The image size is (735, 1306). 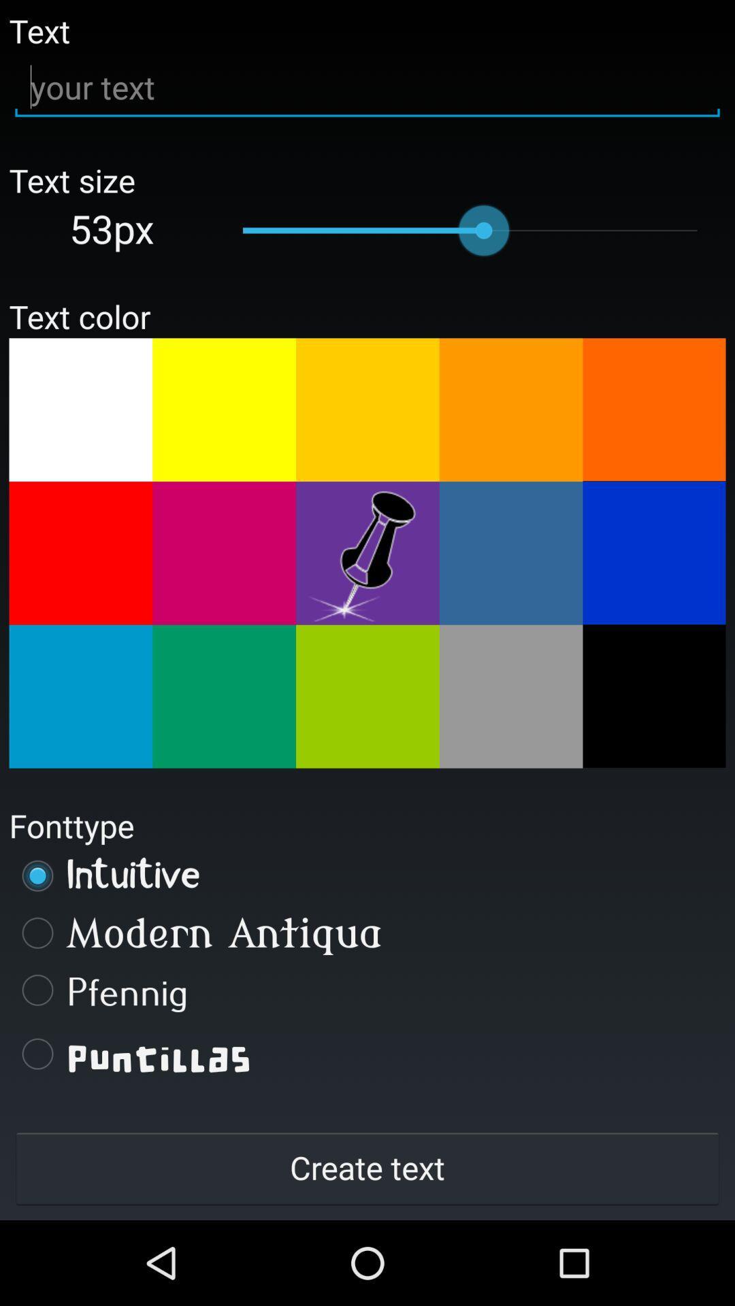 What do you see at coordinates (367, 553) in the screenshot?
I see `flashing colors fun fonts change text size push pin red square bright lights` at bounding box center [367, 553].